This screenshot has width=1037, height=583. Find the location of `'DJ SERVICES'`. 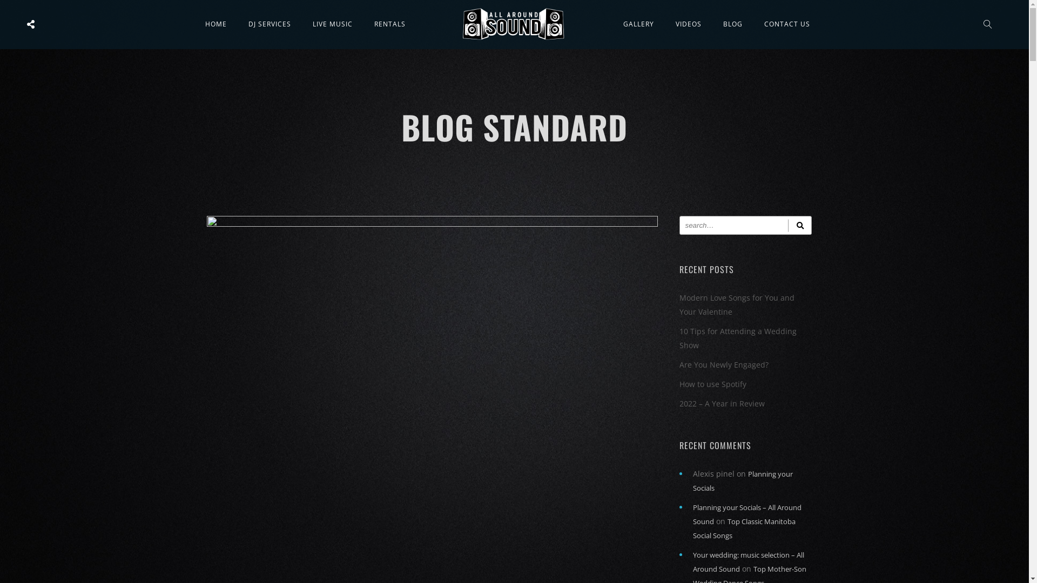

'DJ SERVICES' is located at coordinates (270, 24).